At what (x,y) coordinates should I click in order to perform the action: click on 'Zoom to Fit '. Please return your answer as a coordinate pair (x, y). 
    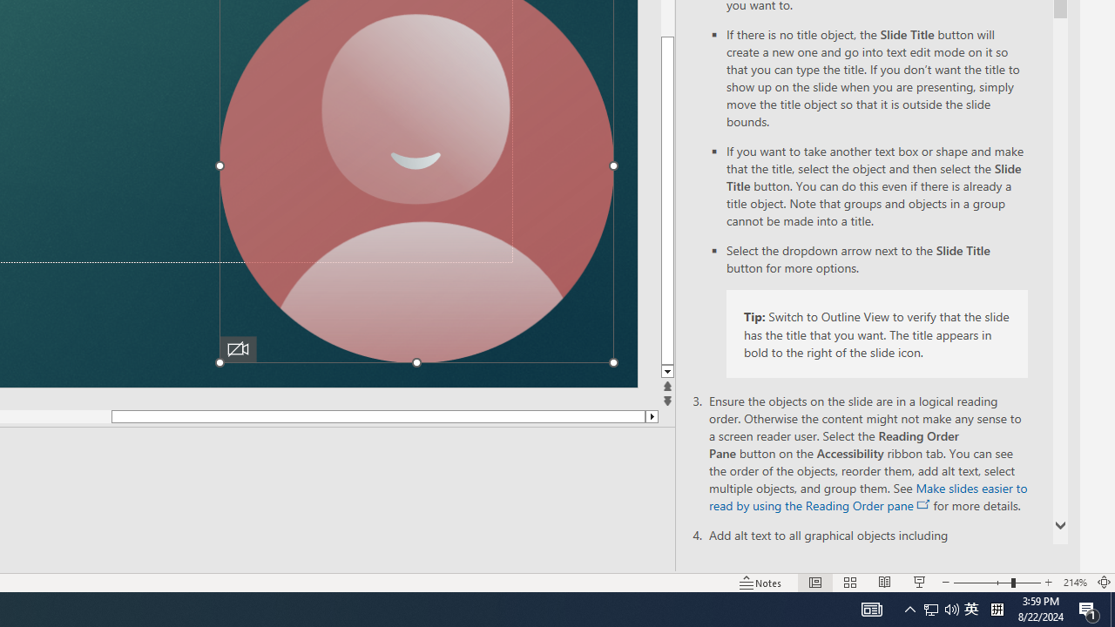
    Looking at the image, I should click on (1103, 583).